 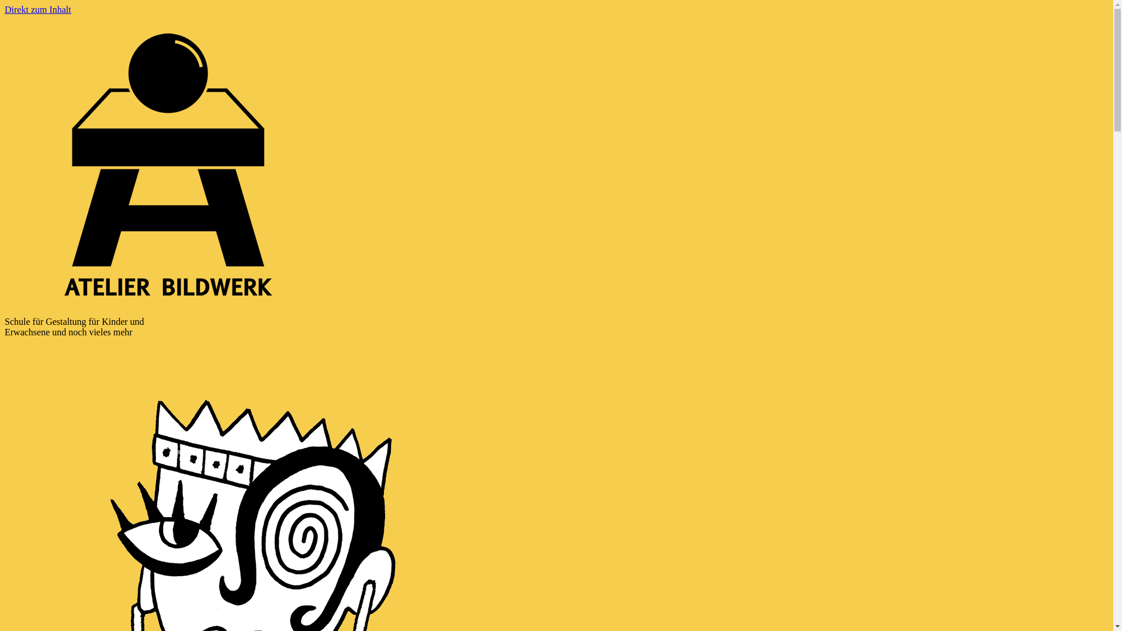 What do you see at coordinates (38, 9) in the screenshot?
I see `'Direkt zum Inhalt'` at bounding box center [38, 9].